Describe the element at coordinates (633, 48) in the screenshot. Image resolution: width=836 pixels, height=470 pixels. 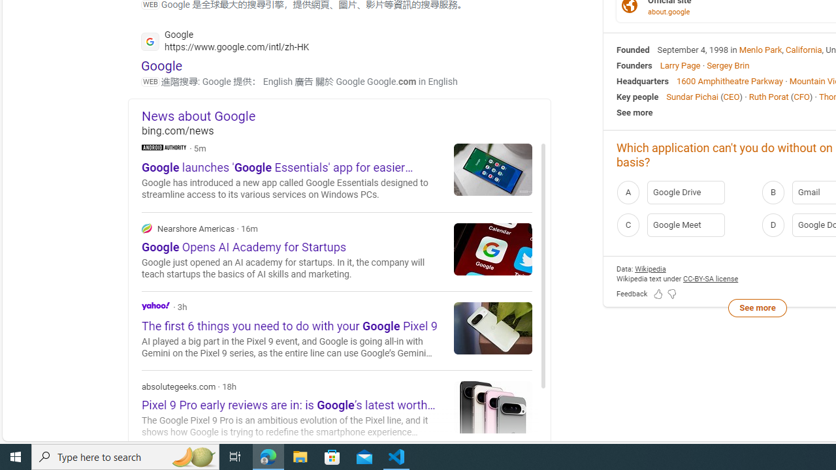
I see `'Founded'` at that location.